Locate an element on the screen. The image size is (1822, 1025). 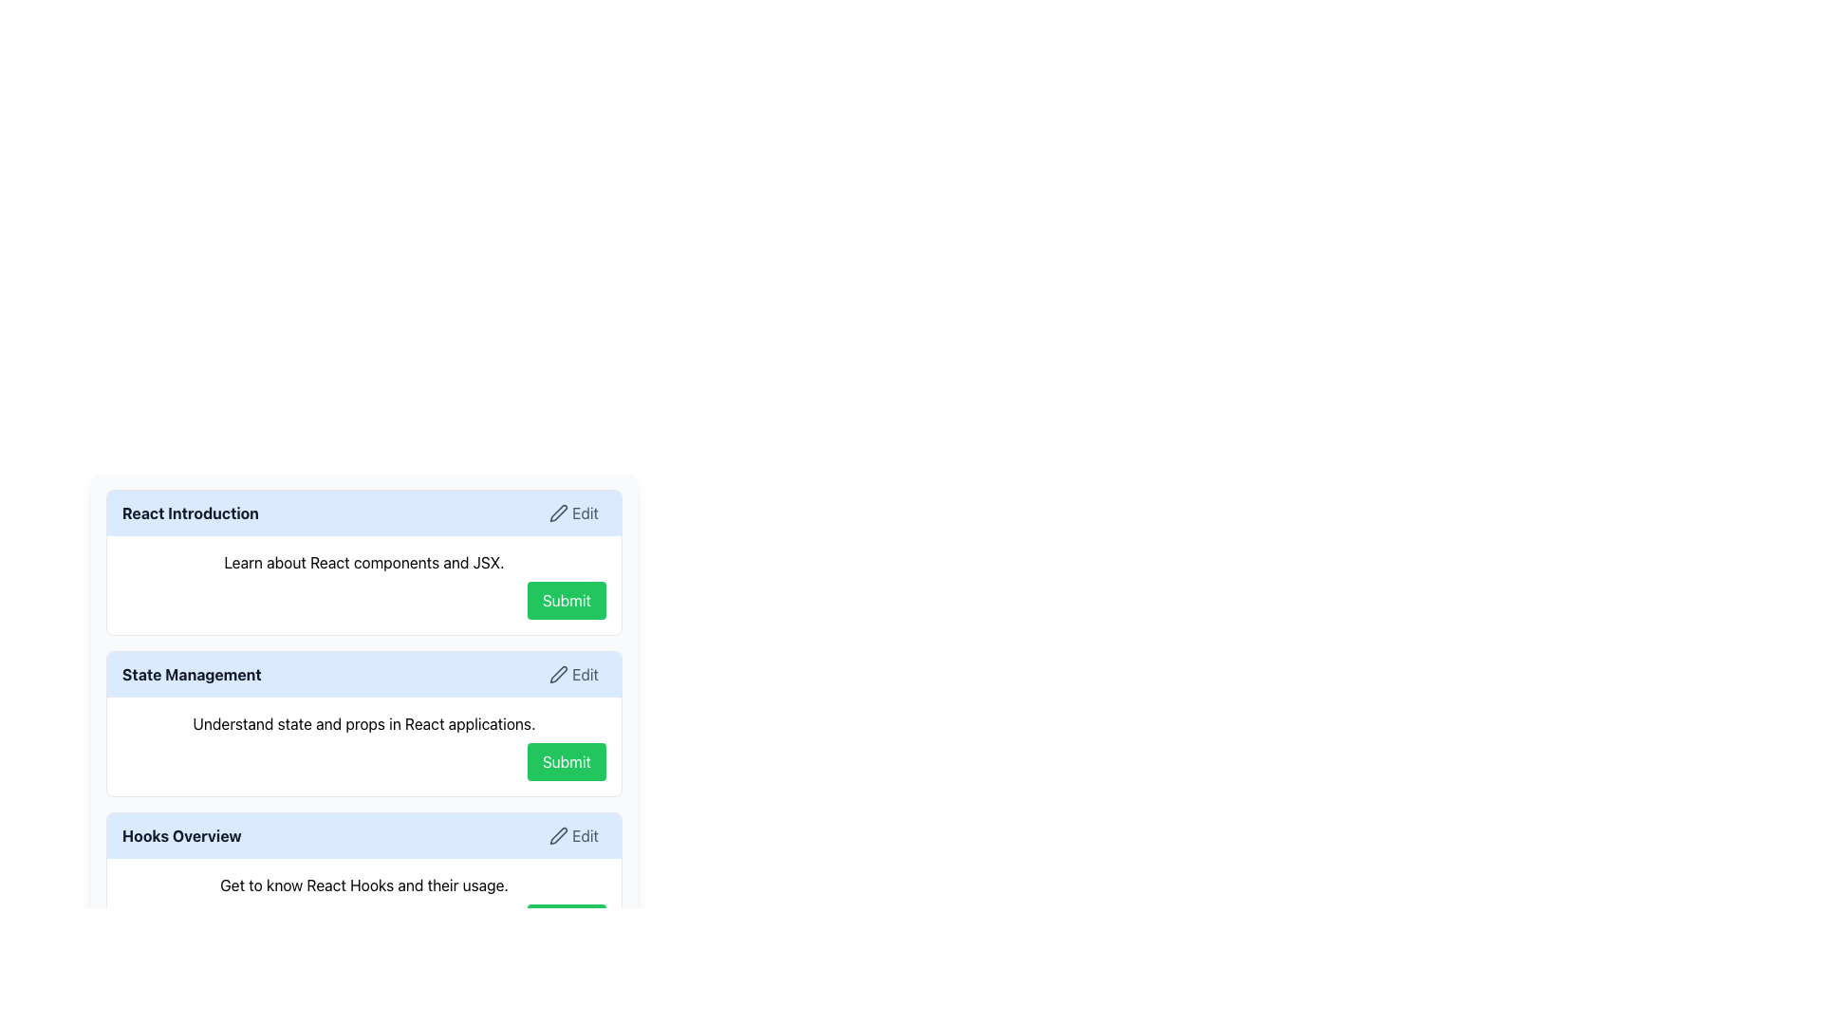
the submission button located in the 'State Management' section of the form is located at coordinates (565, 760).